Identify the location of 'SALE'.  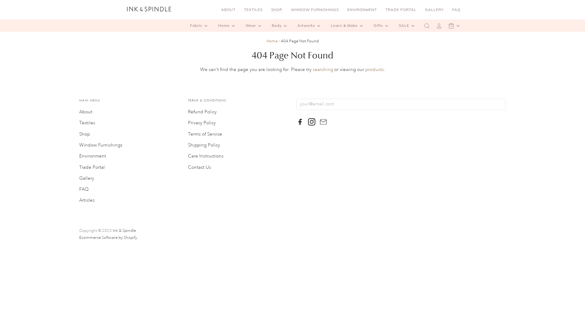
(408, 25).